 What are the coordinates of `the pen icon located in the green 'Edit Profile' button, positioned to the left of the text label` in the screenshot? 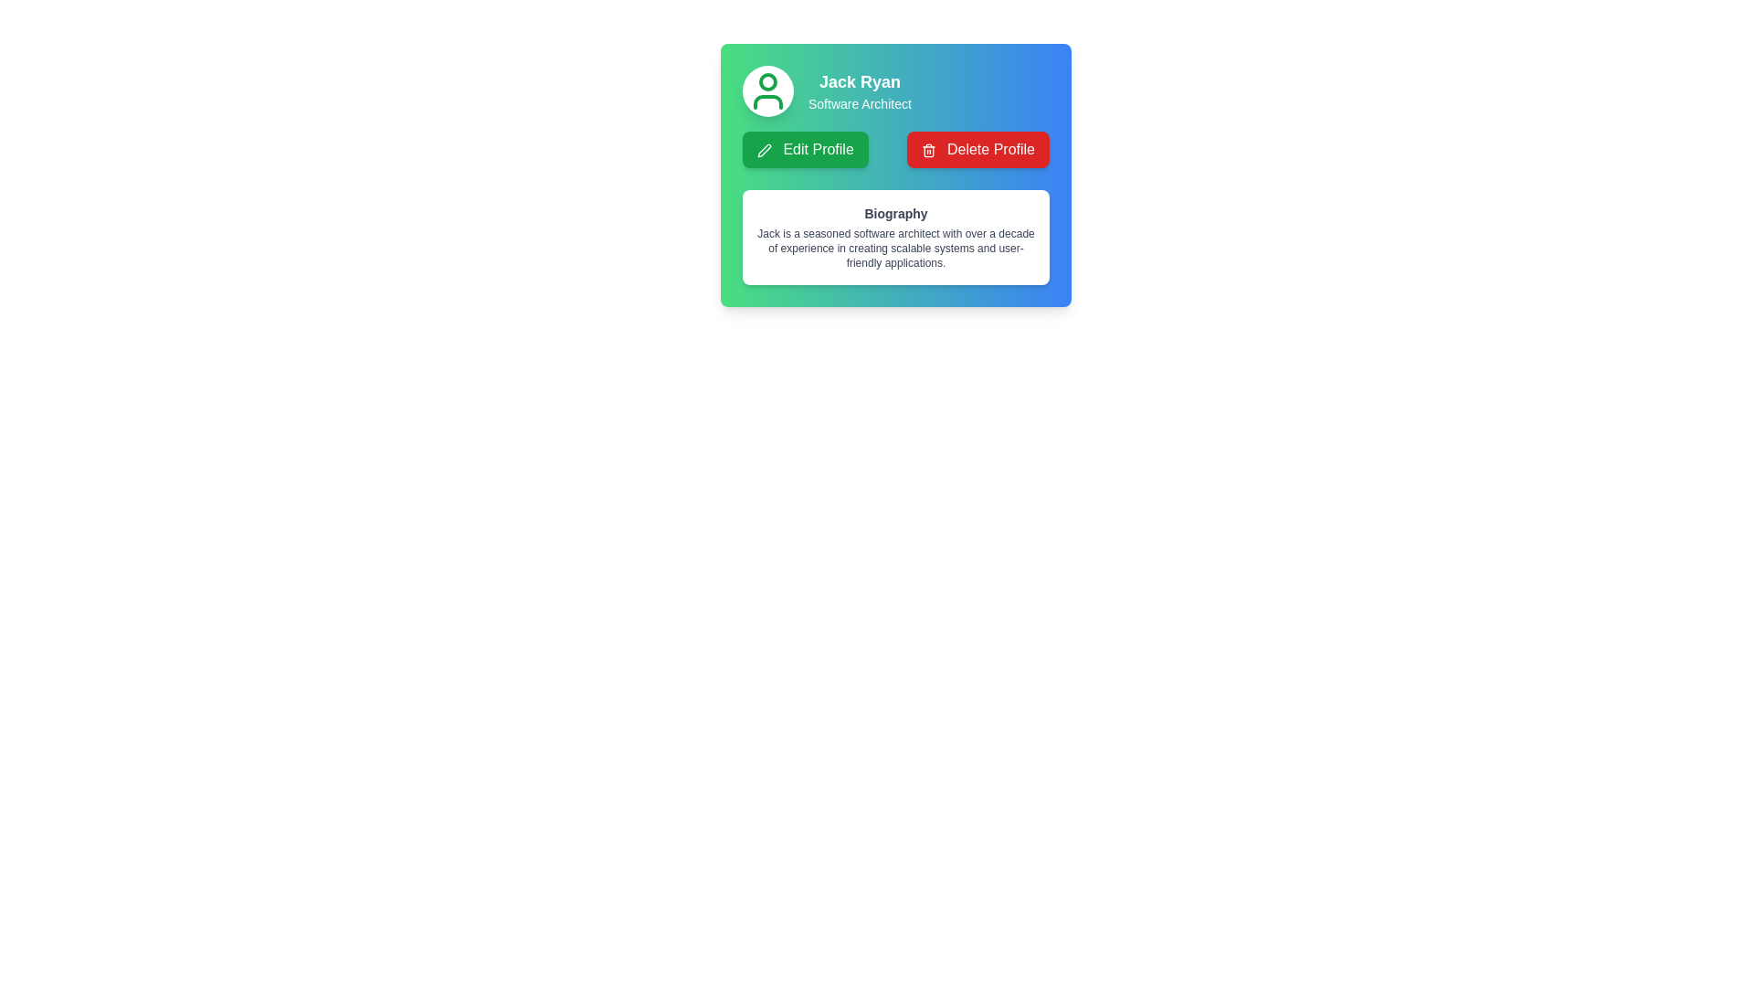 It's located at (764, 149).